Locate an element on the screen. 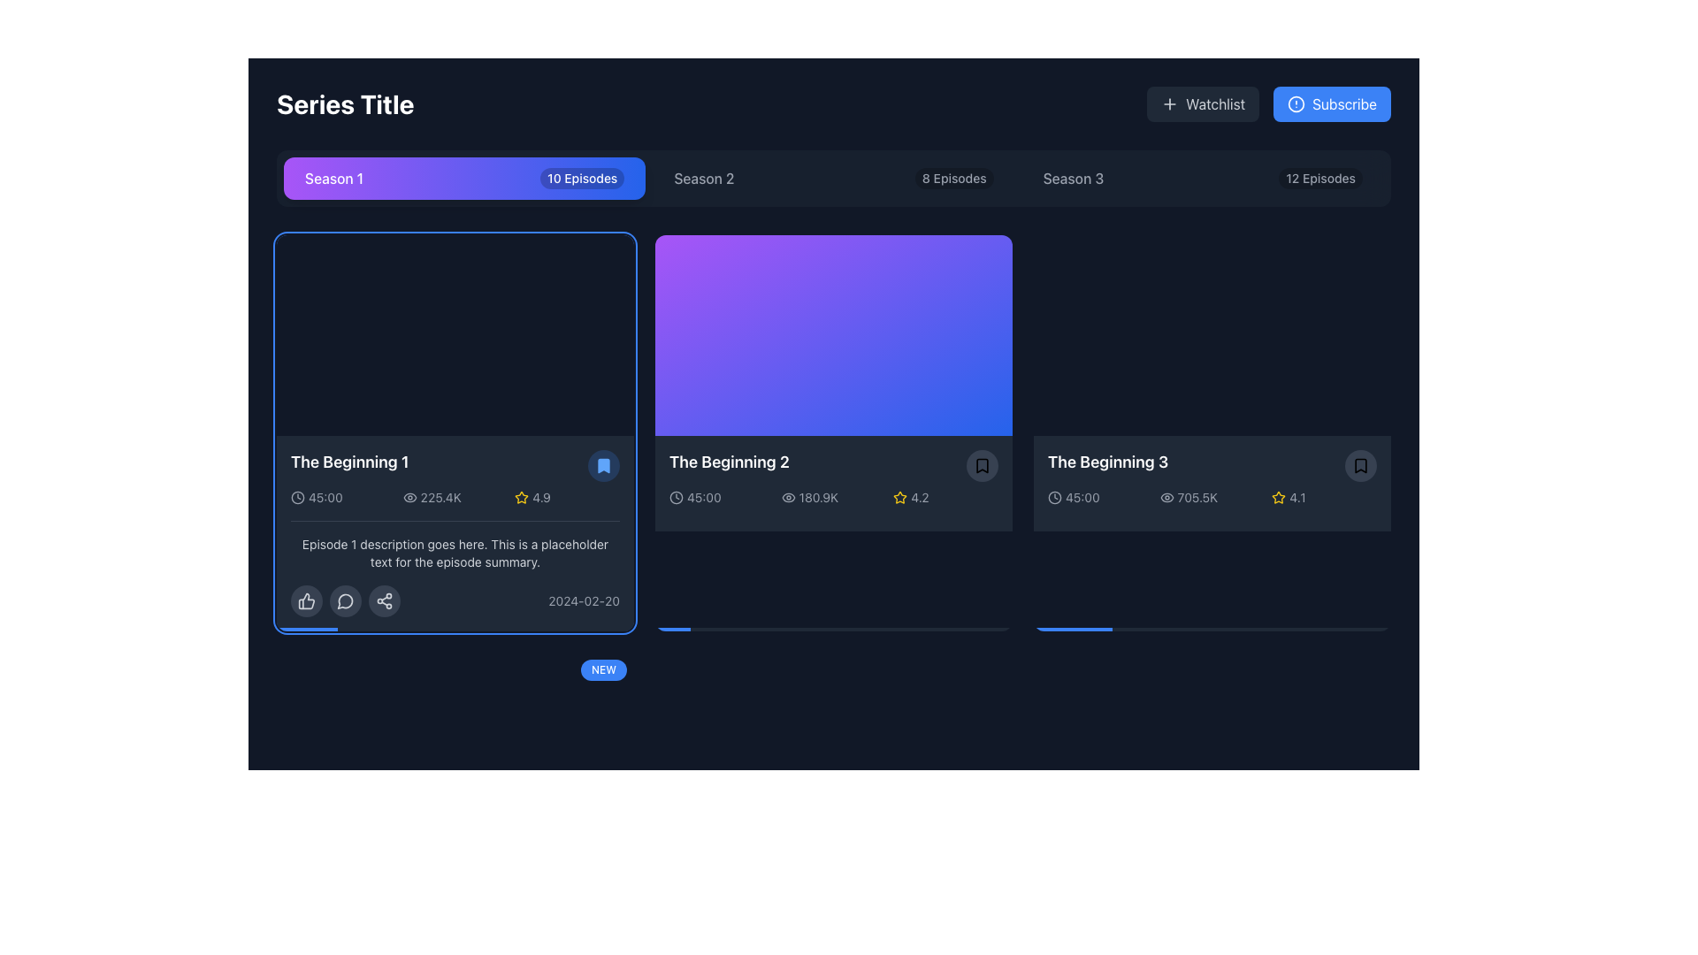  the decorative yellow star icon located in the rating section of the card labeled 'The Beginning 3', positioned to the left of the numerical rating value is located at coordinates (1279, 497).